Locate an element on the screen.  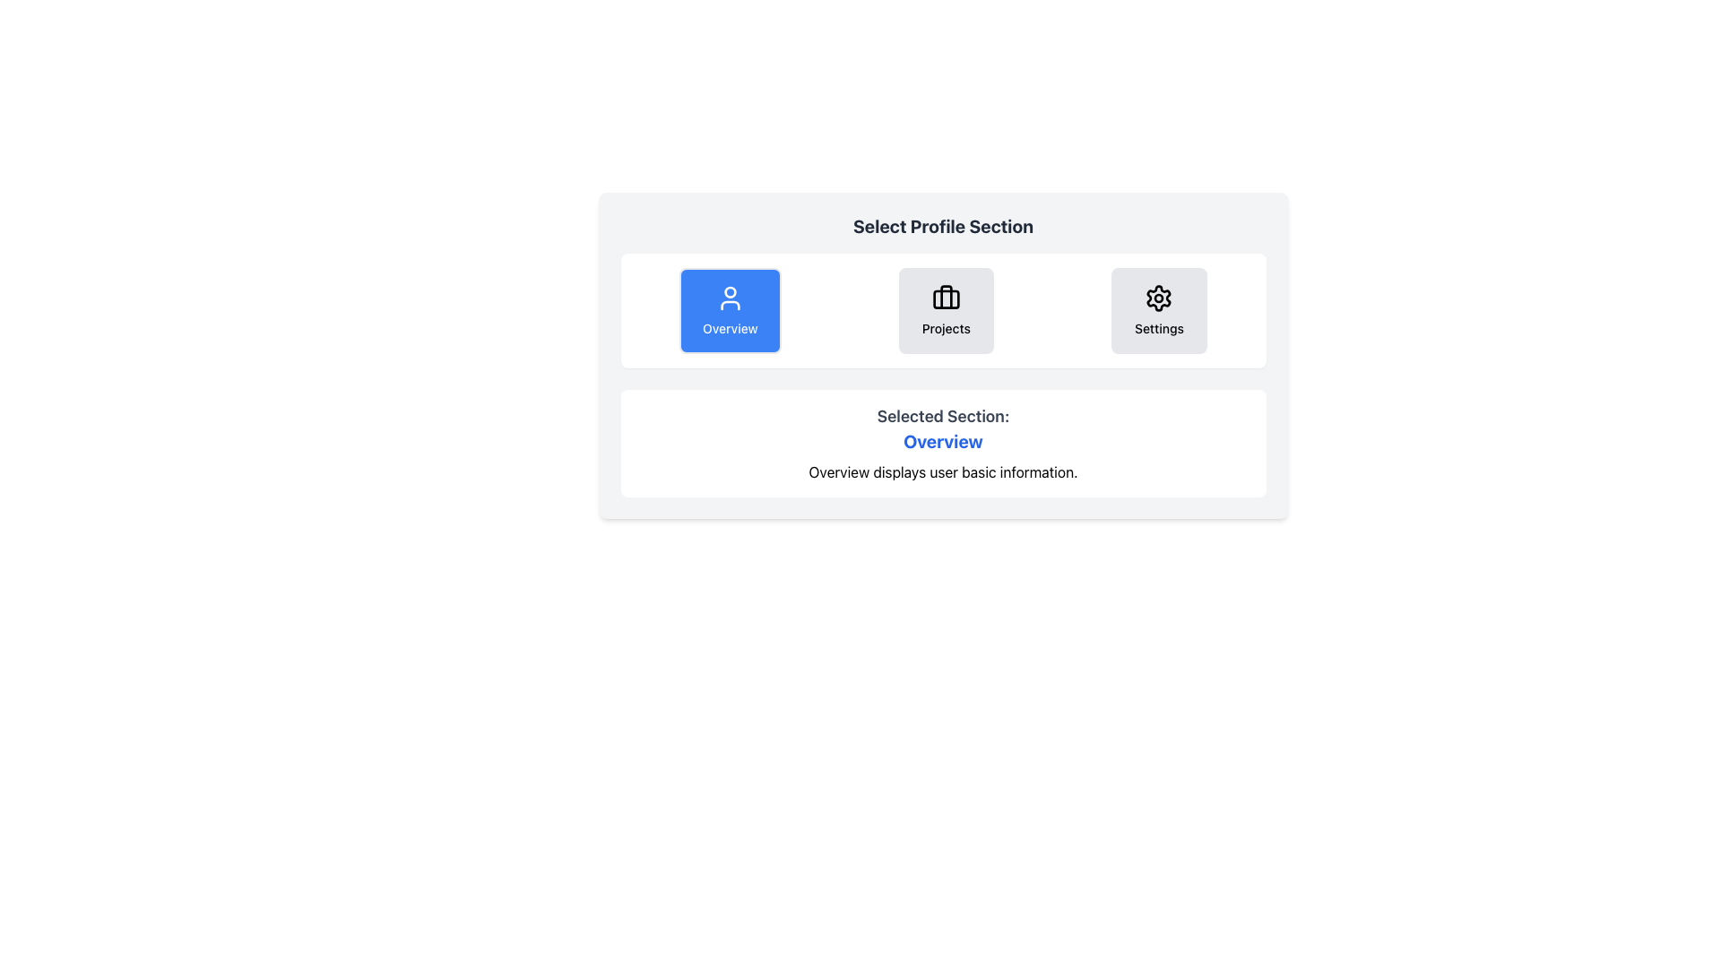
content from the informational display section that shows details about the currently selected 'Overview' section is located at coordinates (942, 443).